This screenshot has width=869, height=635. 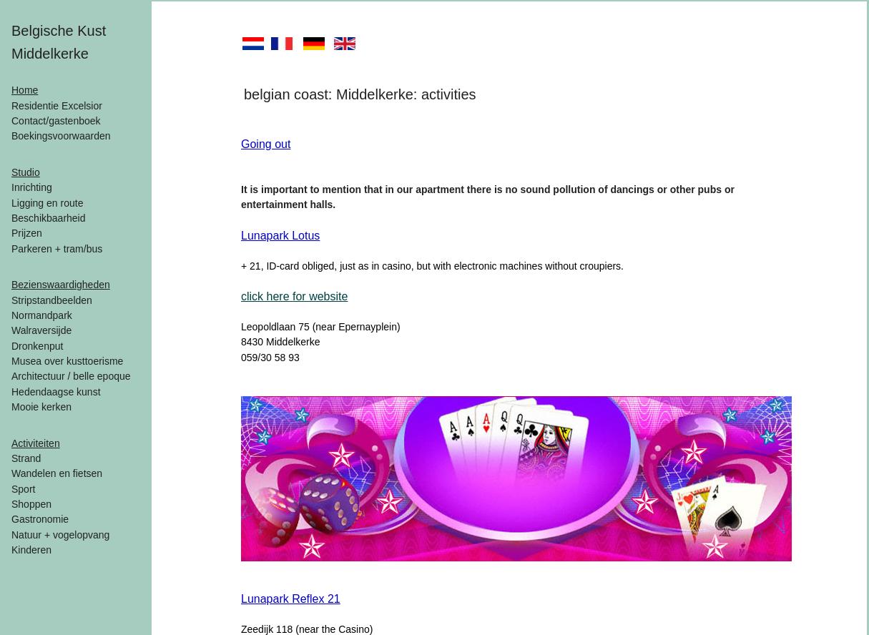 What do you see at coordinates (71, 375) in the screenshot?
I see `'Architectuur / belle epoque'` at bounding box center [71, 375].